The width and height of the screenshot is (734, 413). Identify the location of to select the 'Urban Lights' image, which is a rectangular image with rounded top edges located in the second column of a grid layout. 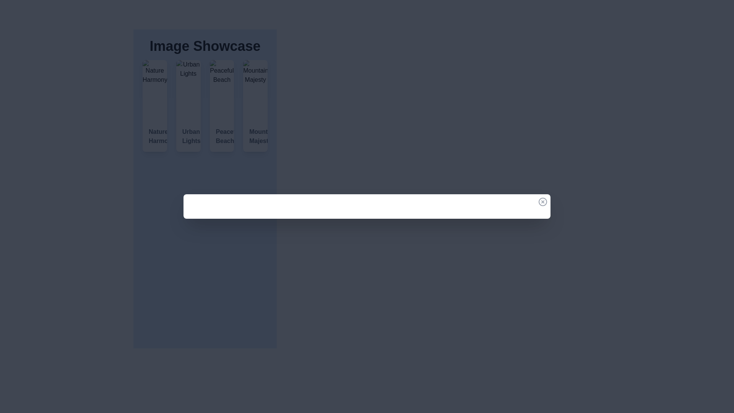
(188, 90).